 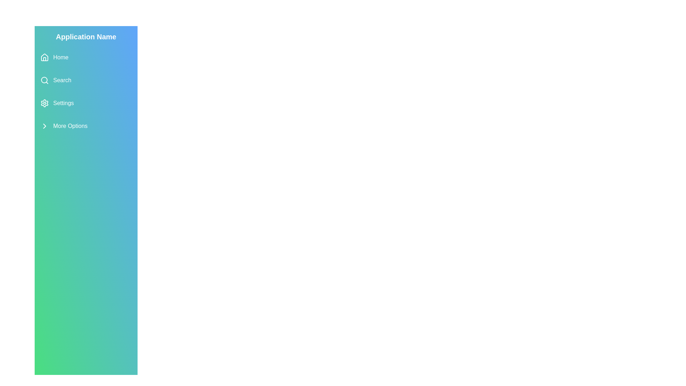 What do you see at coordinates (86, 57) in the screenshot?
I see `the menu item Home` at bounding box center [86, 57].